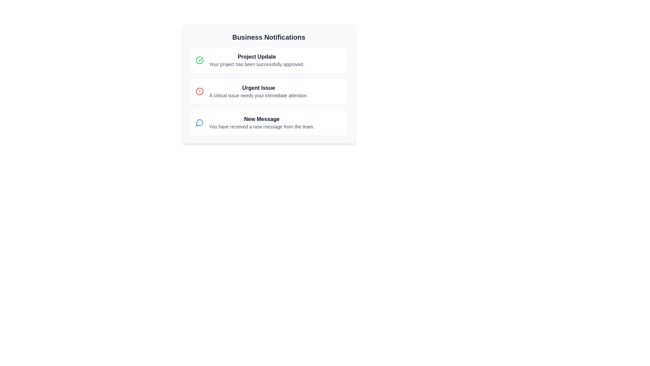 The width and height of the screenshot is (650, 366). What do you see at coordinates (199, 123) in the screenshot?
I see `the message notification icon located in the notification panel under the 'New Message' title, positioned to the left of the text content` at bounding box center [199, 123].